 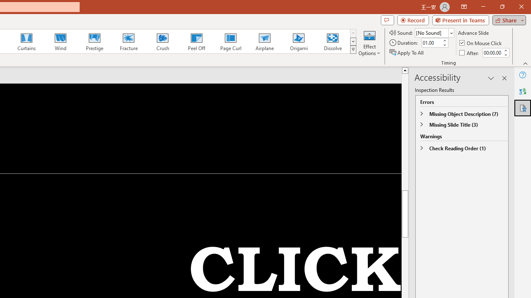 I want to click on 'Origami', so click(x=299, y=41).